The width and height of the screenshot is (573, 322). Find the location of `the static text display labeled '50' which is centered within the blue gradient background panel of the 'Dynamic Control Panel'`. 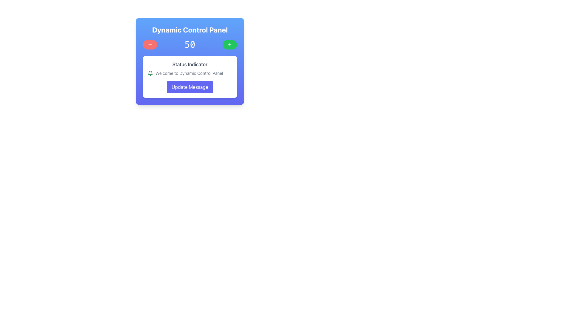

the static text display labeled '50' which is centered within the blue gradient background panel of the 'Dynamic Control Panel' is located at coordinates (190, 44).